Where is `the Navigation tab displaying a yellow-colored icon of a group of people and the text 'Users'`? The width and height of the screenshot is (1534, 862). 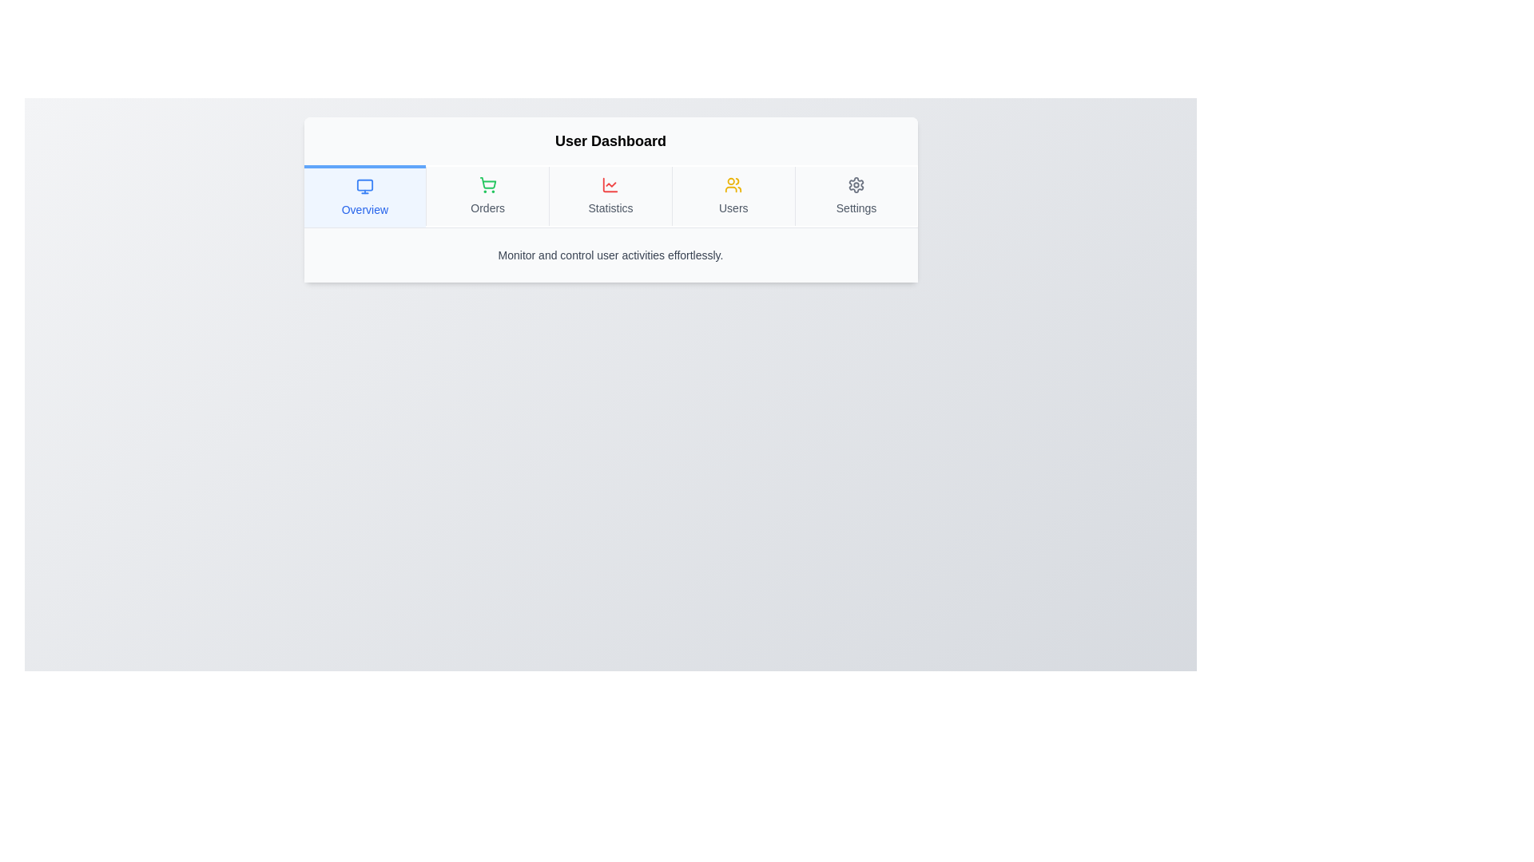
the Navigation tab displaying a yellow-colored icon of a group of people and the text 'Users' is located at coordinates (732, 196).